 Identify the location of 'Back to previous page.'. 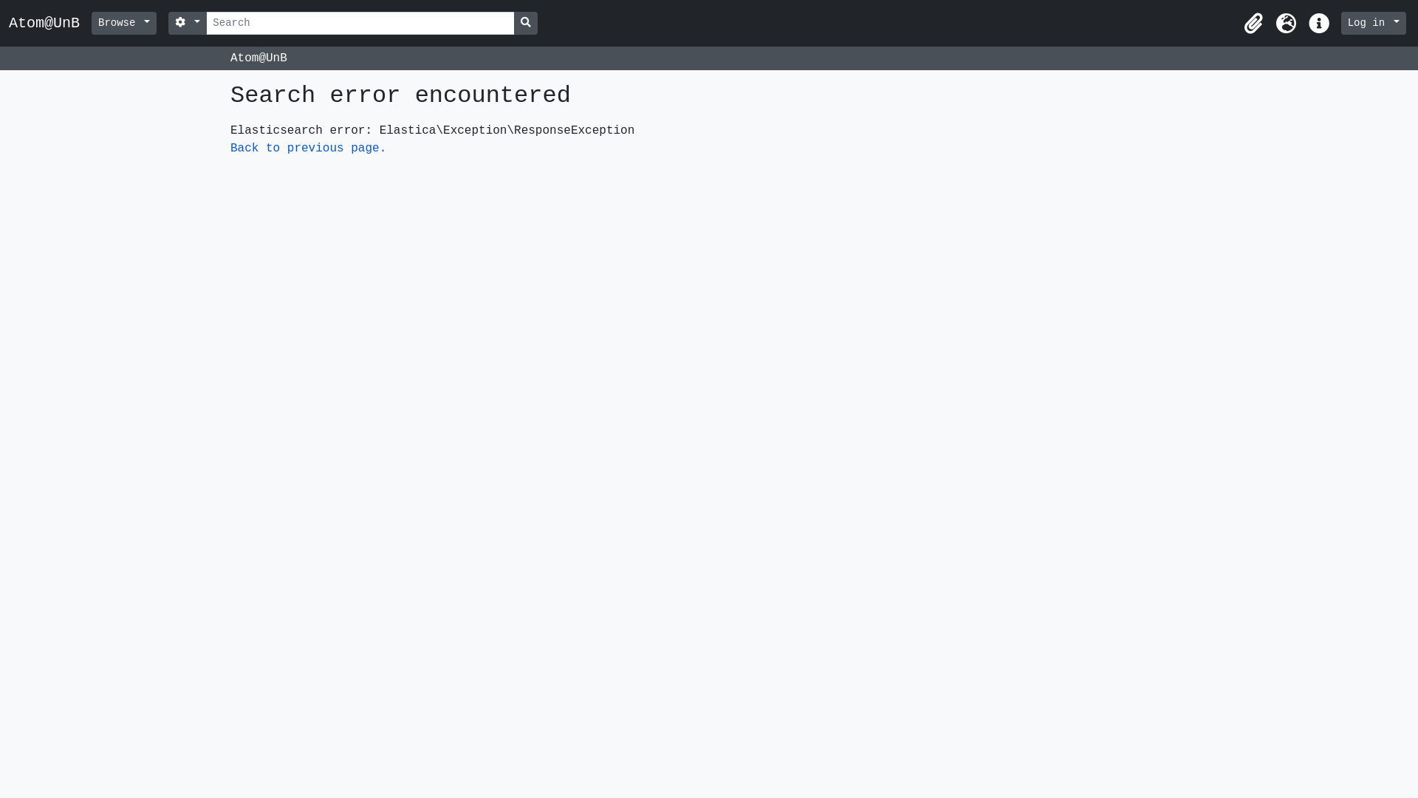
(307, 148).